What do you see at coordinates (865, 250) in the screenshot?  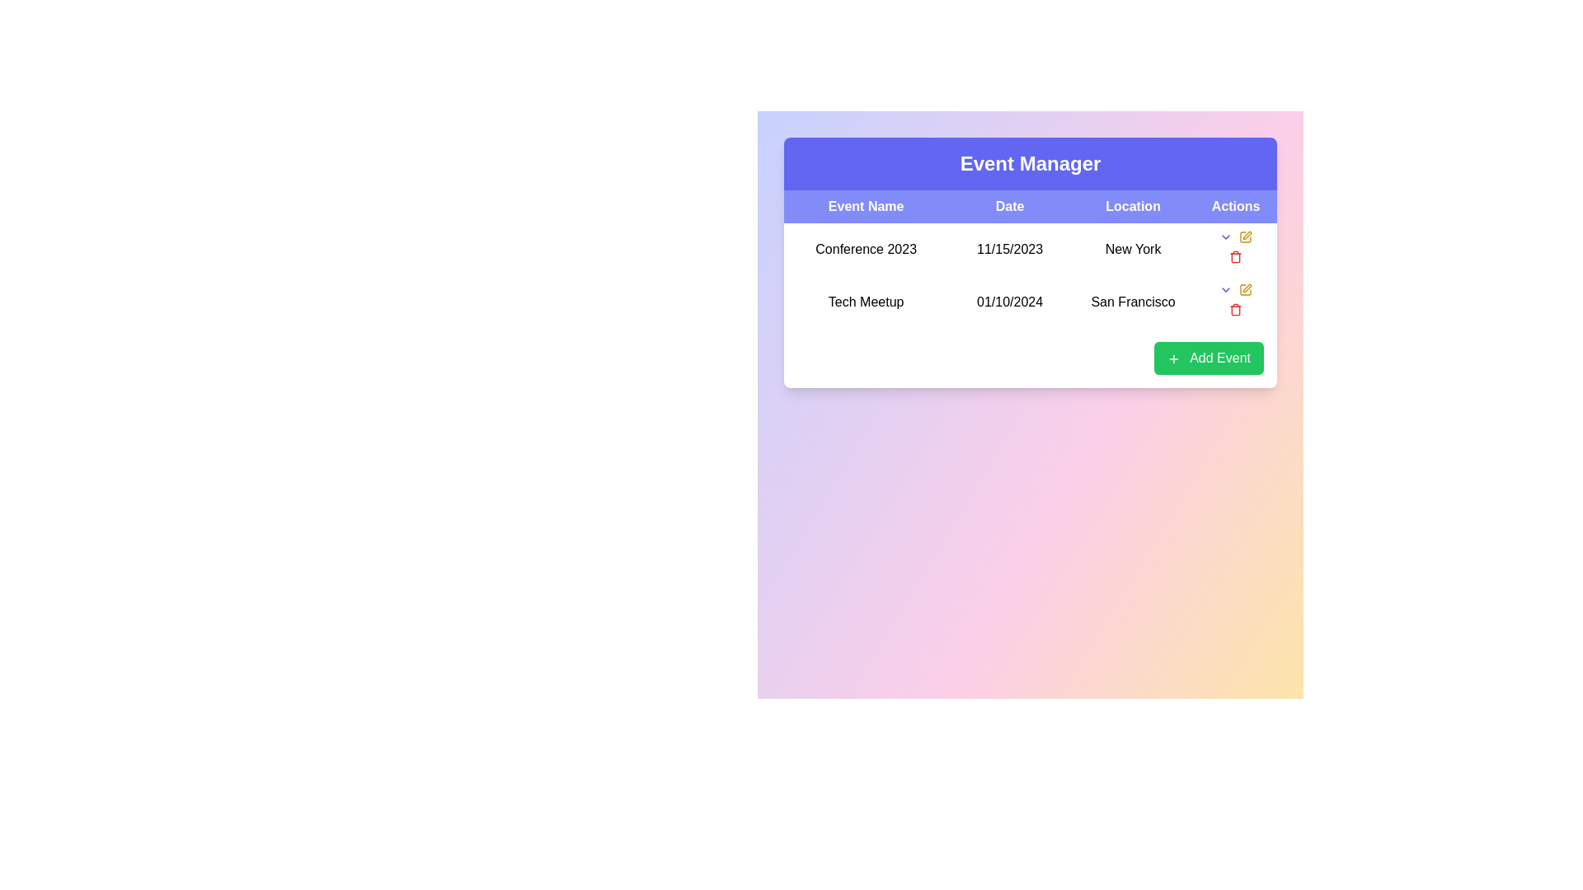 I see `the text label displaying 'Conference 2023' in the first cell of the 'Event Name' column under the 'Event Manager' header` at bounding box center [865, 250].